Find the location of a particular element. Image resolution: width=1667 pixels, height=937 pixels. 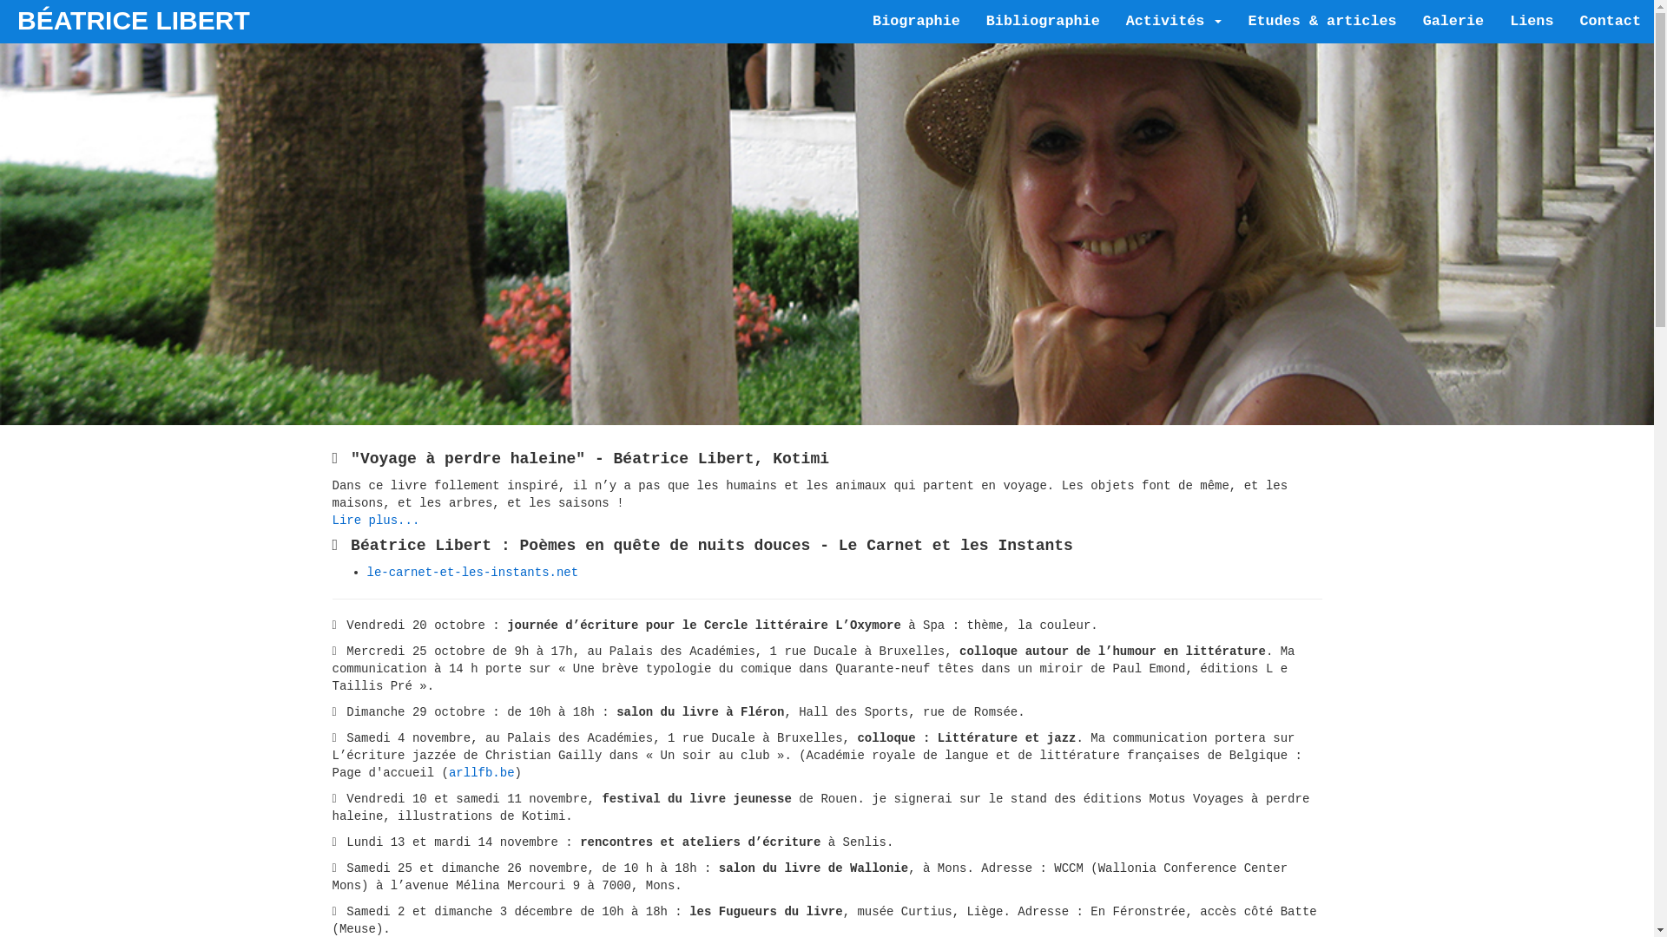

'Bibliographie' is located at coordinates (1042, 21).